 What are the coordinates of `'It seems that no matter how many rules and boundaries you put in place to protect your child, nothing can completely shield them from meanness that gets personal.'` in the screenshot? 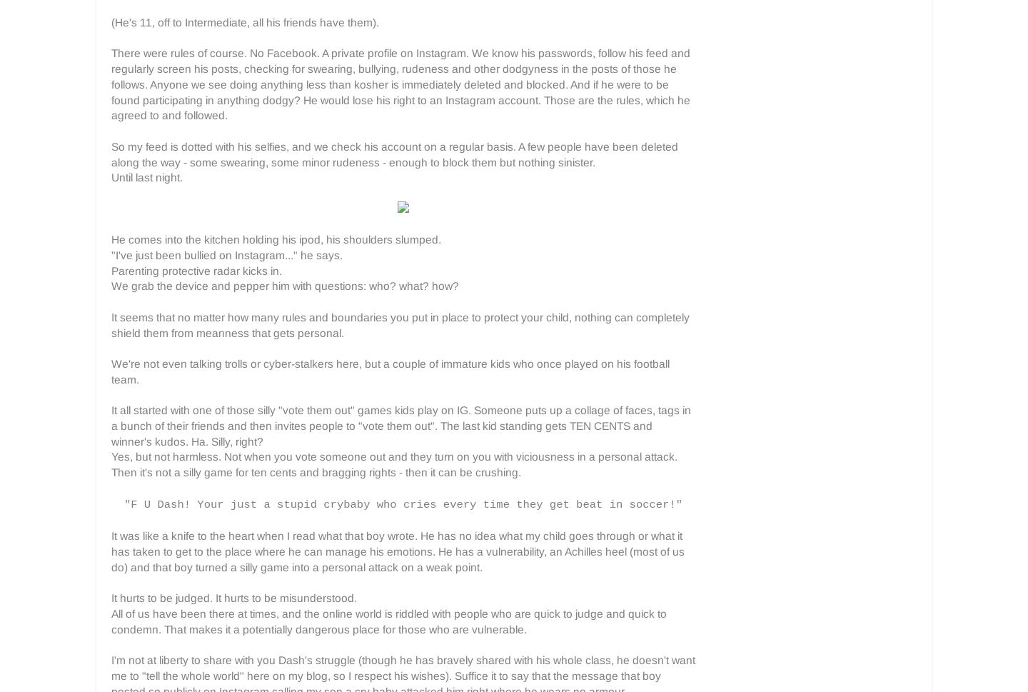 It's located at (110, 324).